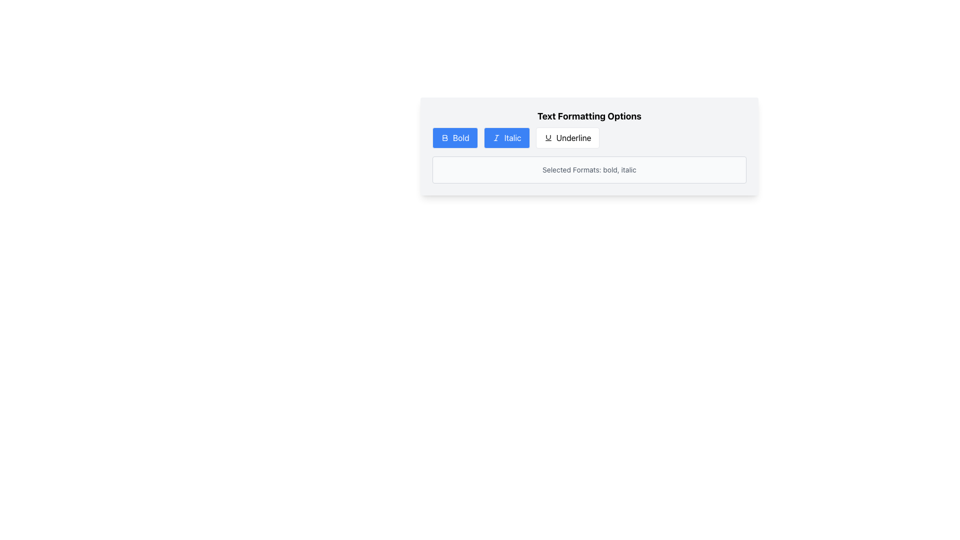  Describe the element at coordinates (496, 138) in the screenshot. I see `the italic text formatting icon, which is part of the blue 'Italic' button labeled with white text, positioned in the middle of a horizontal button group next to the 'Bold' and 'Underline' buttons` at that location.